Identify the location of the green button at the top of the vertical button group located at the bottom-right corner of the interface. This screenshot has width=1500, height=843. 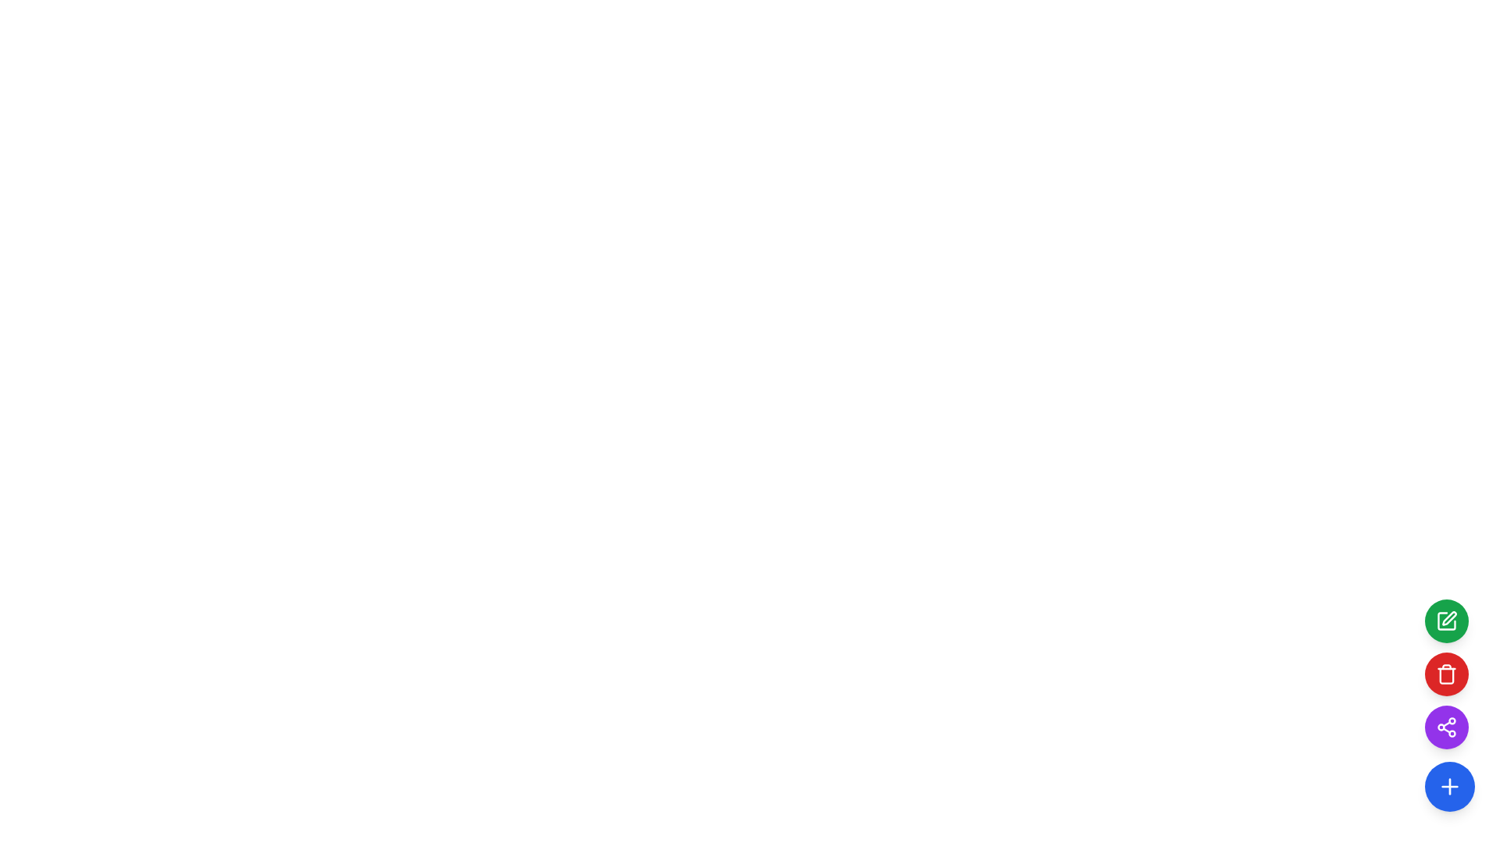
(1446, 674).